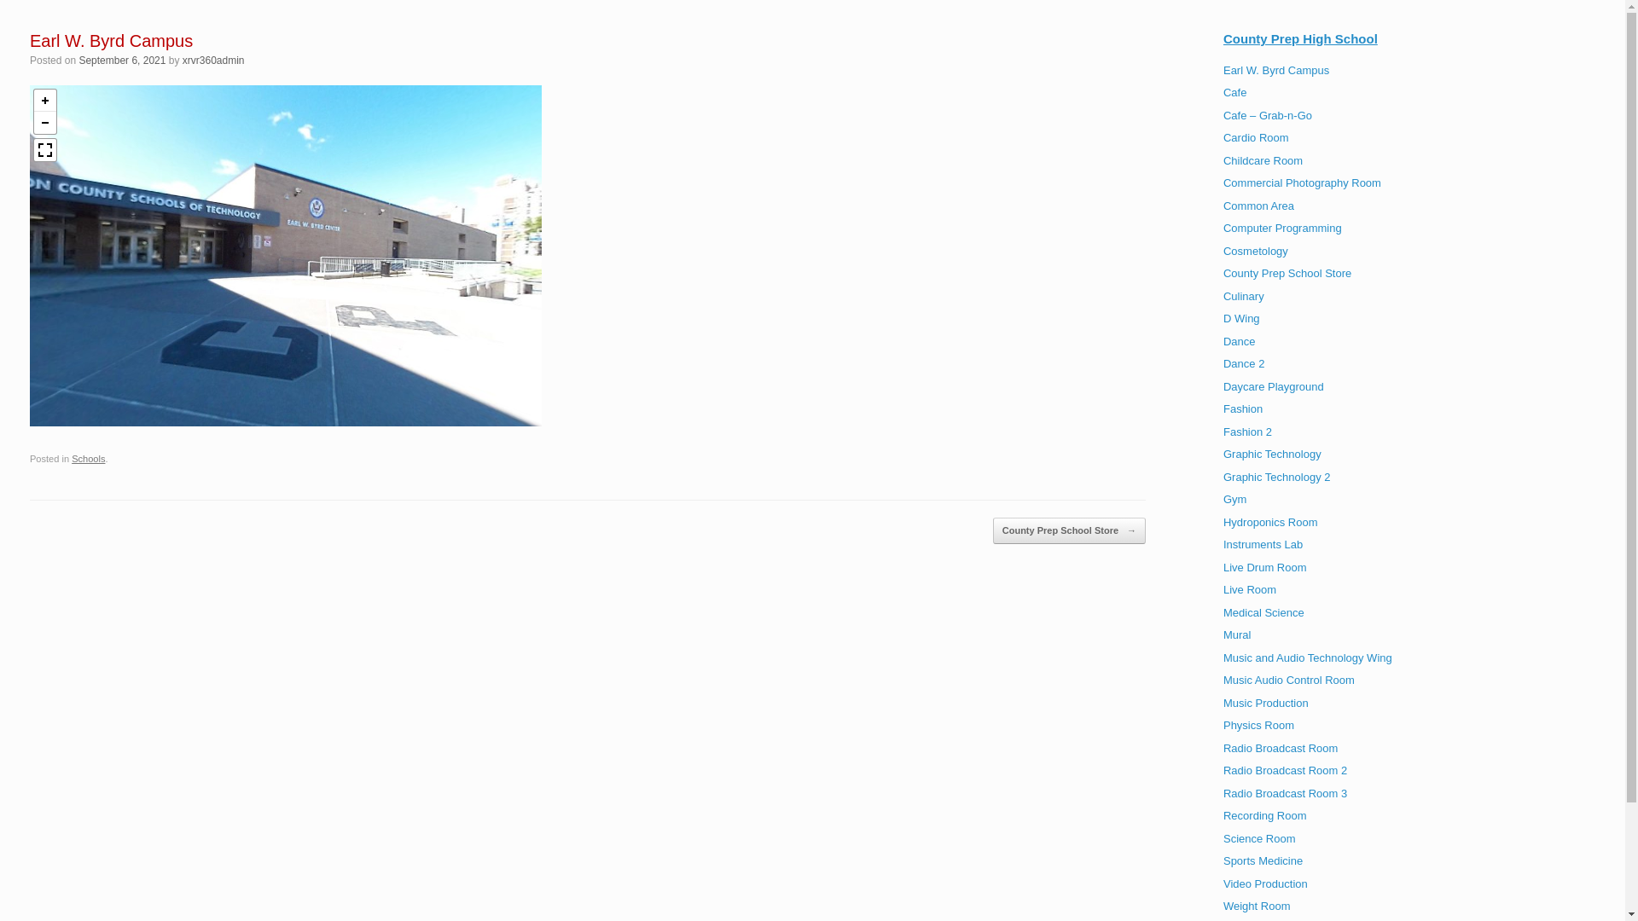  Describe the element at coordinates (1263, 544) in the screenshot. I see `'Instruments Lab'` at that location.